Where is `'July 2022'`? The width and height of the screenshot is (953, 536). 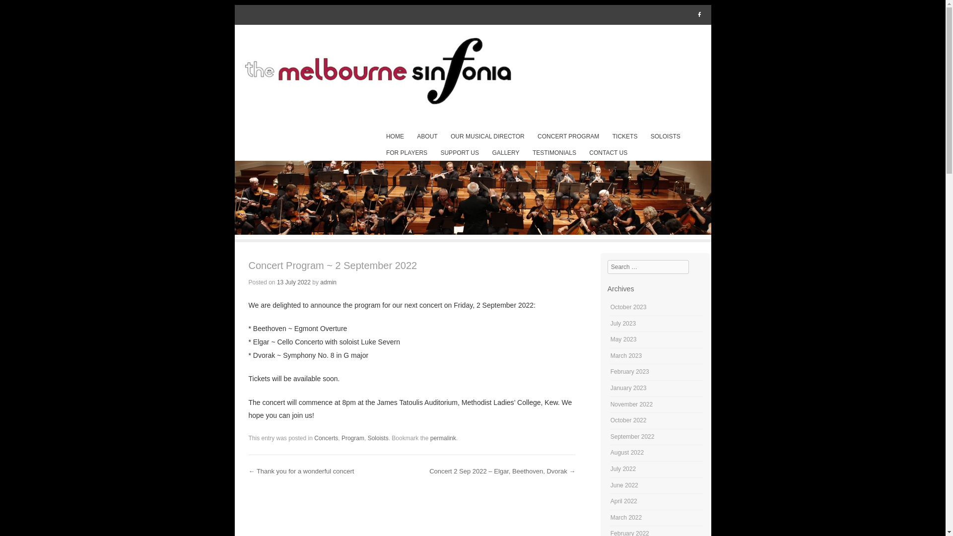
'July 2022' is located at coordinates (622, 469).